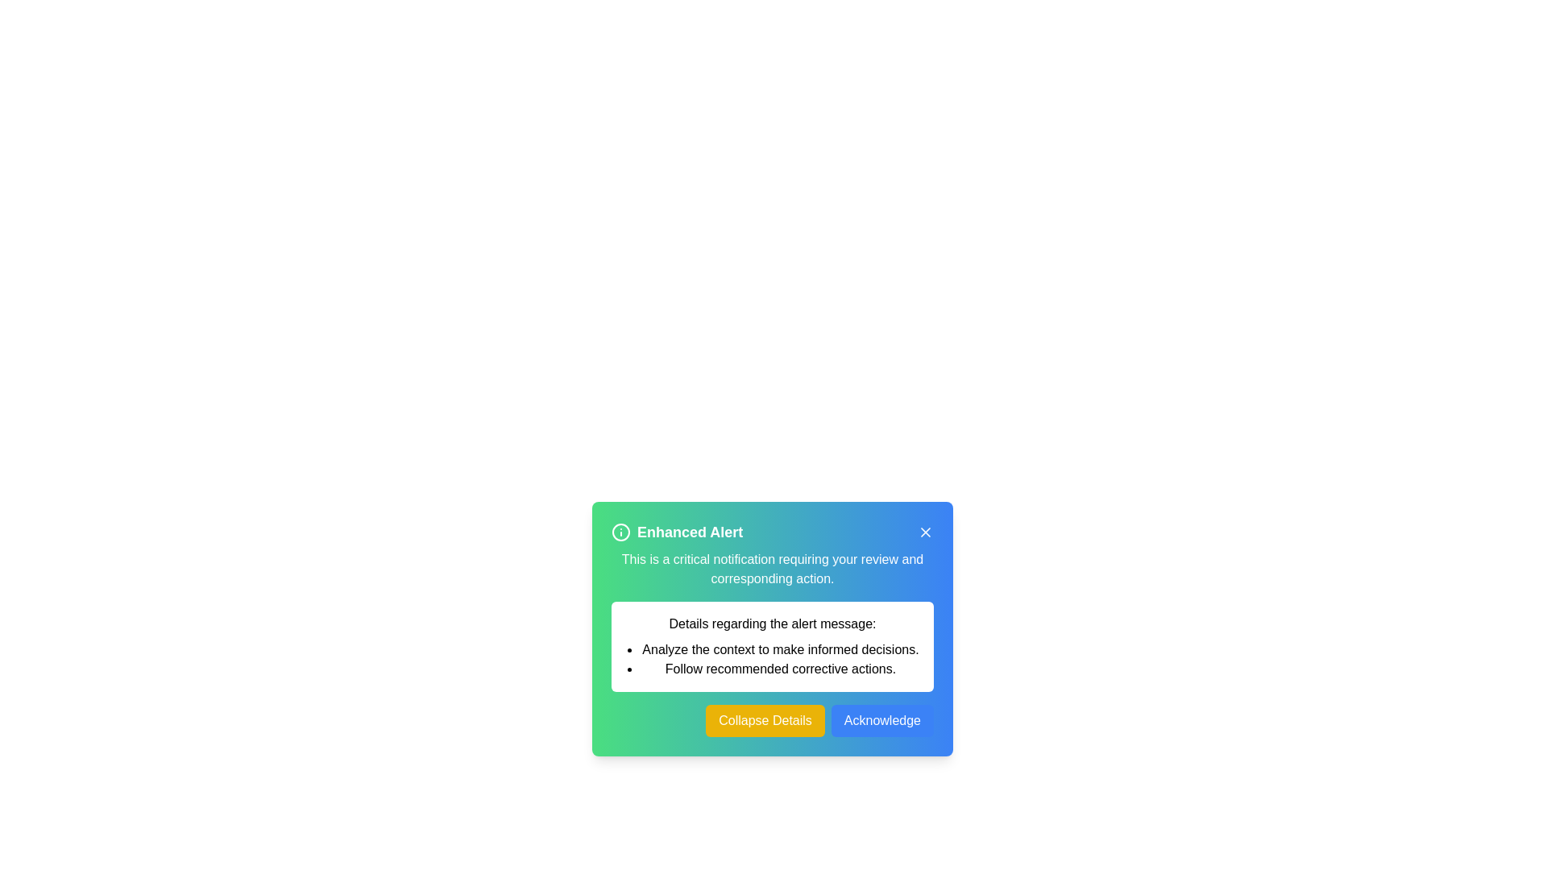 The image size is (1547, 870). Describe the element at coordinates (781, 648) in the screenshot. I see `the text element that reads 'Analyze the context to make informed decisions.' which is the first item in a bulleted list on a notification card` at that location.